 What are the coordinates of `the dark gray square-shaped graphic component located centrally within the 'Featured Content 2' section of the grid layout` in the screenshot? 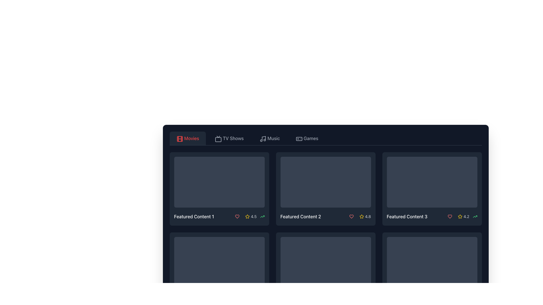 It's located at (326, 182).